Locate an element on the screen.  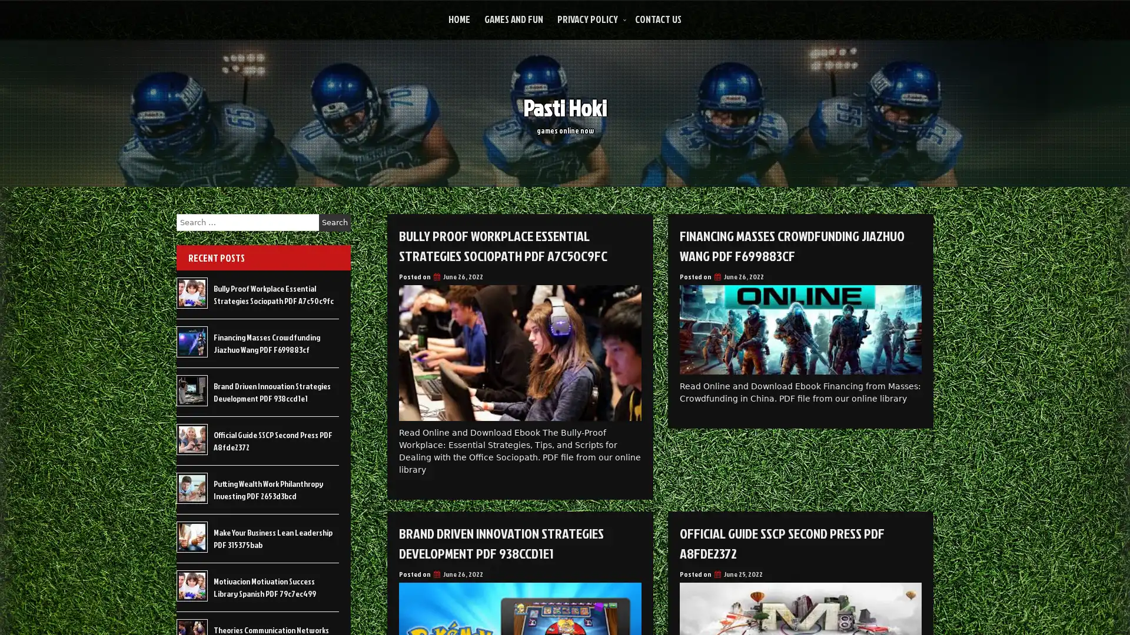
Search is located at coordinates (334, 222).